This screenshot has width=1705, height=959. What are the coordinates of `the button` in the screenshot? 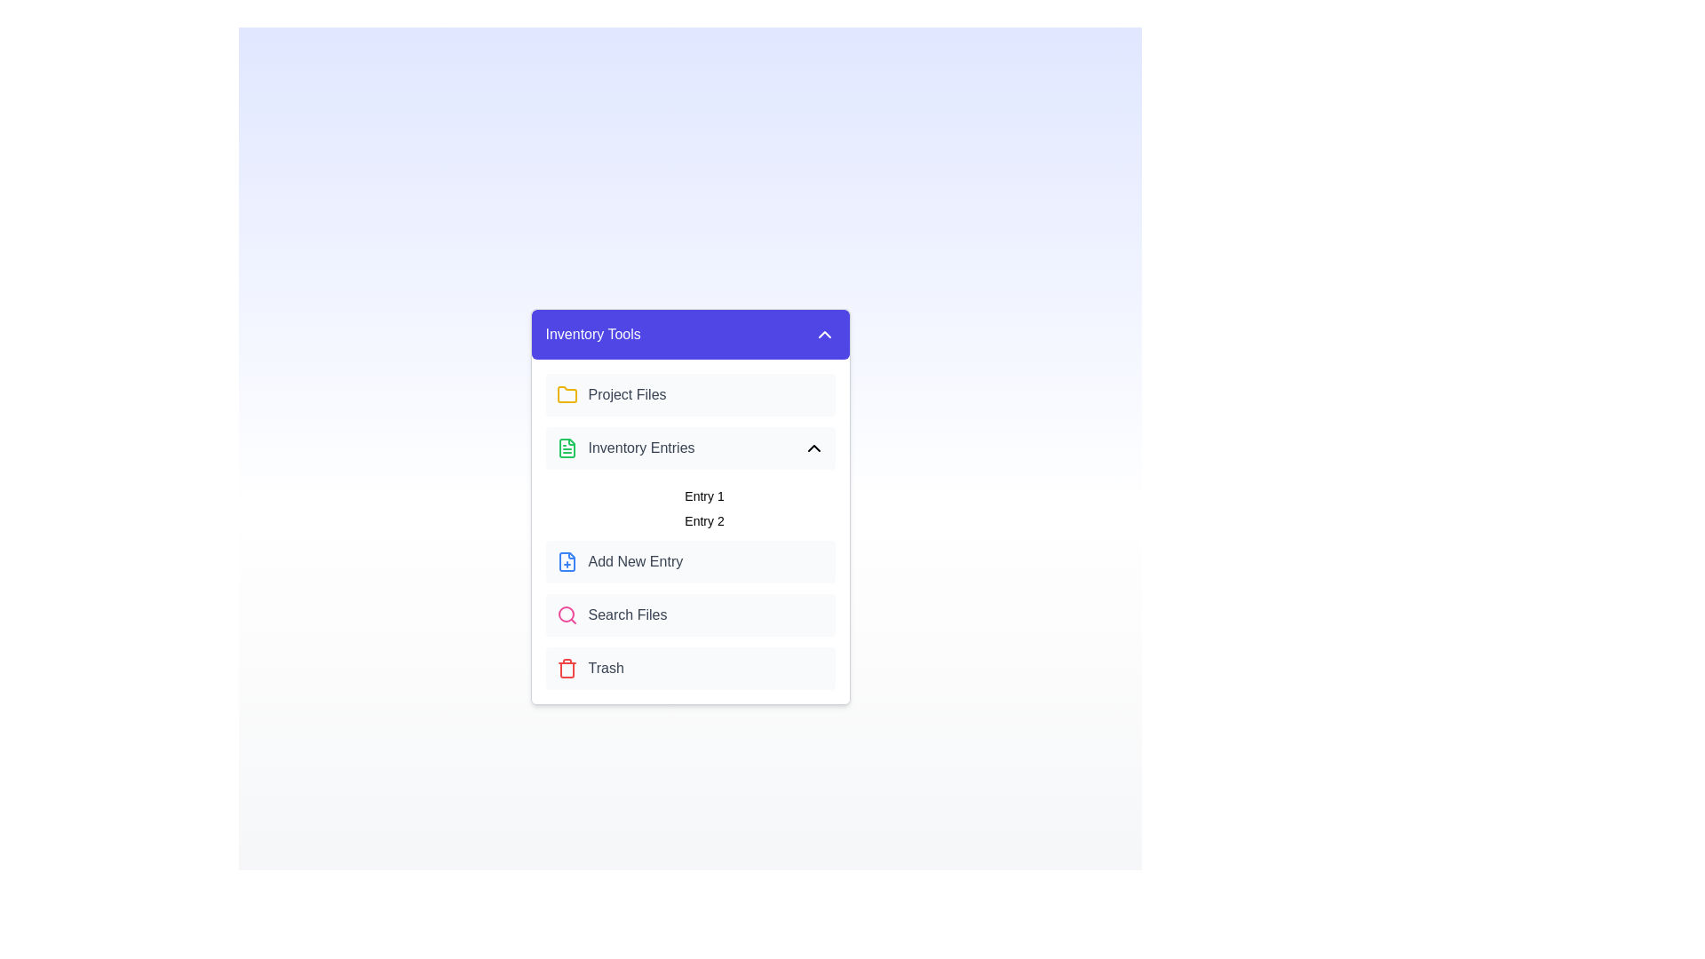 It's located at (689, 561).